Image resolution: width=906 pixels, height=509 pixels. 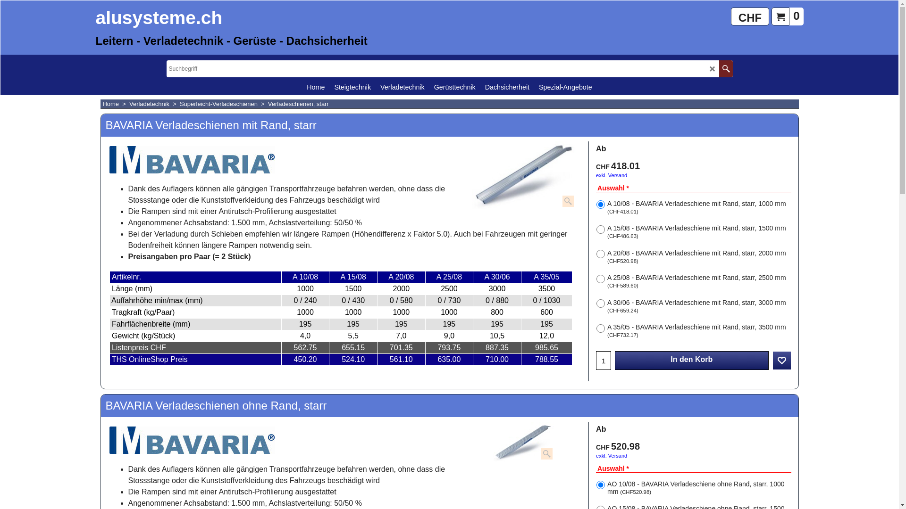 I want to click on 'Favoriten', so click(x=781, y=360).